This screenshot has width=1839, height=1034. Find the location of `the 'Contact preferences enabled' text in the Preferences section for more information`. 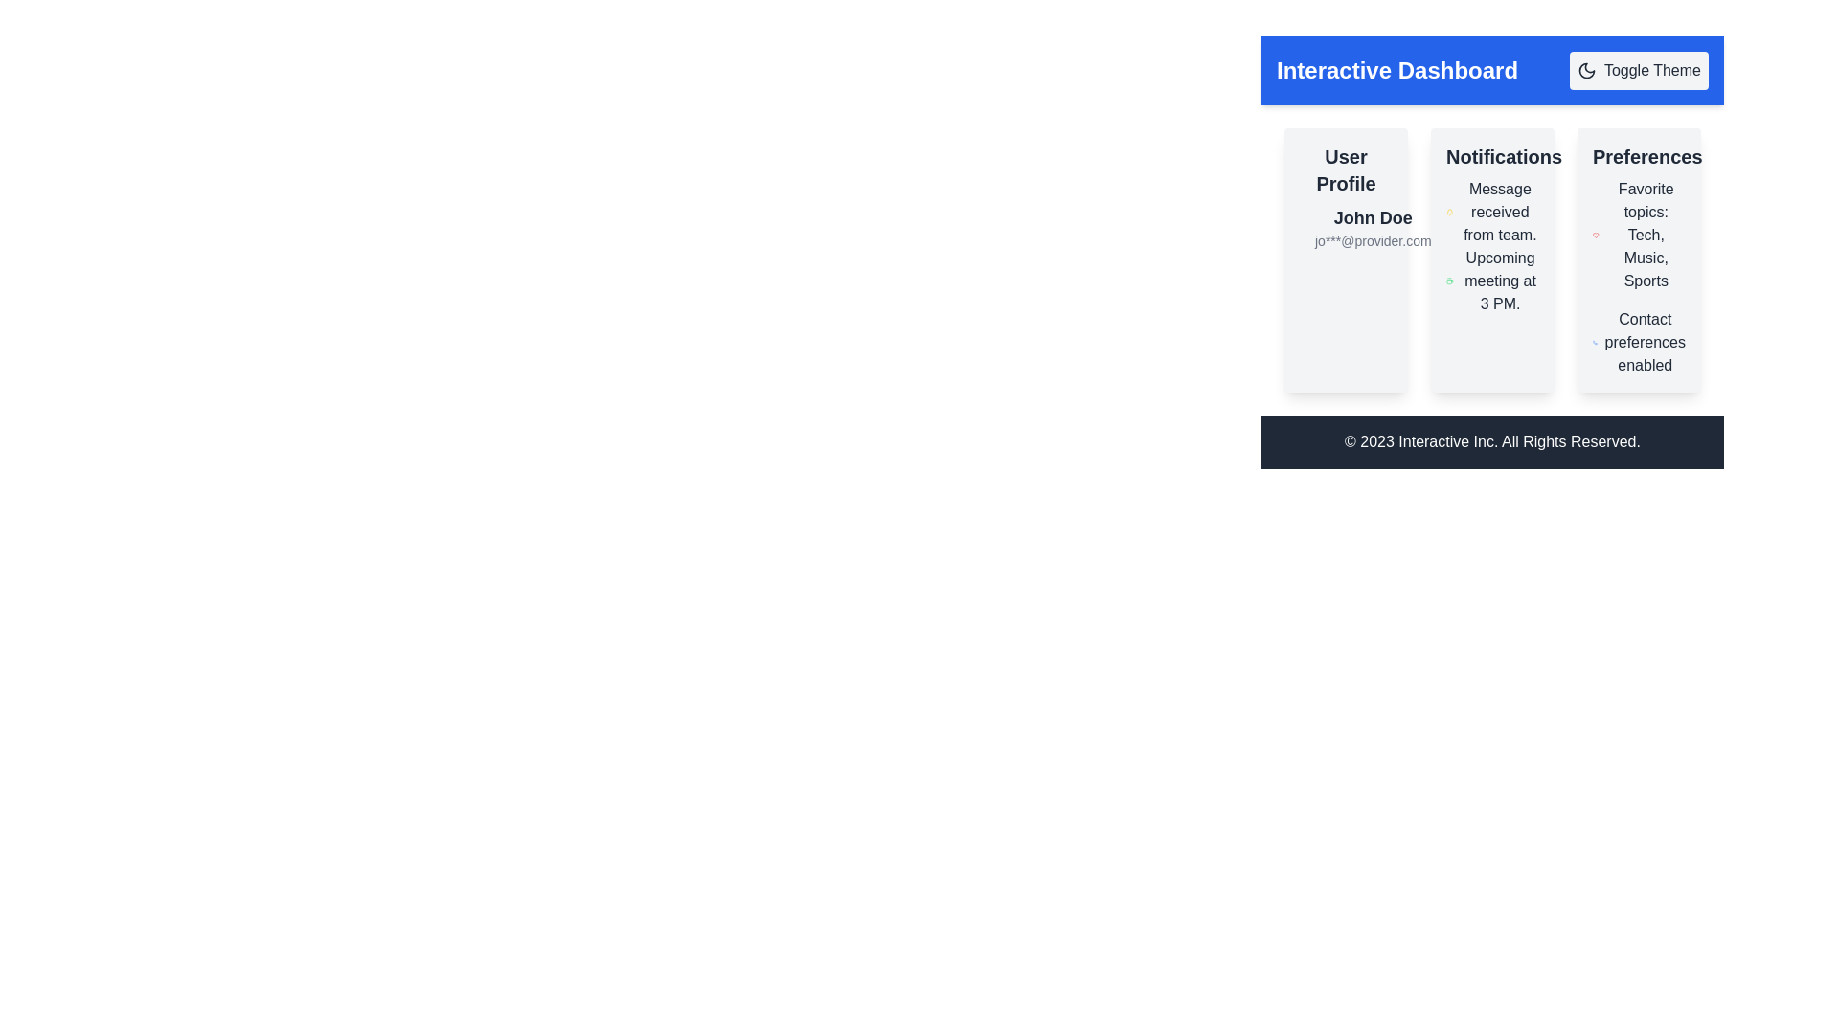

the 'Contact preferences enabled' text in the Preferences section for more information is located at coordinates (1638, 342).